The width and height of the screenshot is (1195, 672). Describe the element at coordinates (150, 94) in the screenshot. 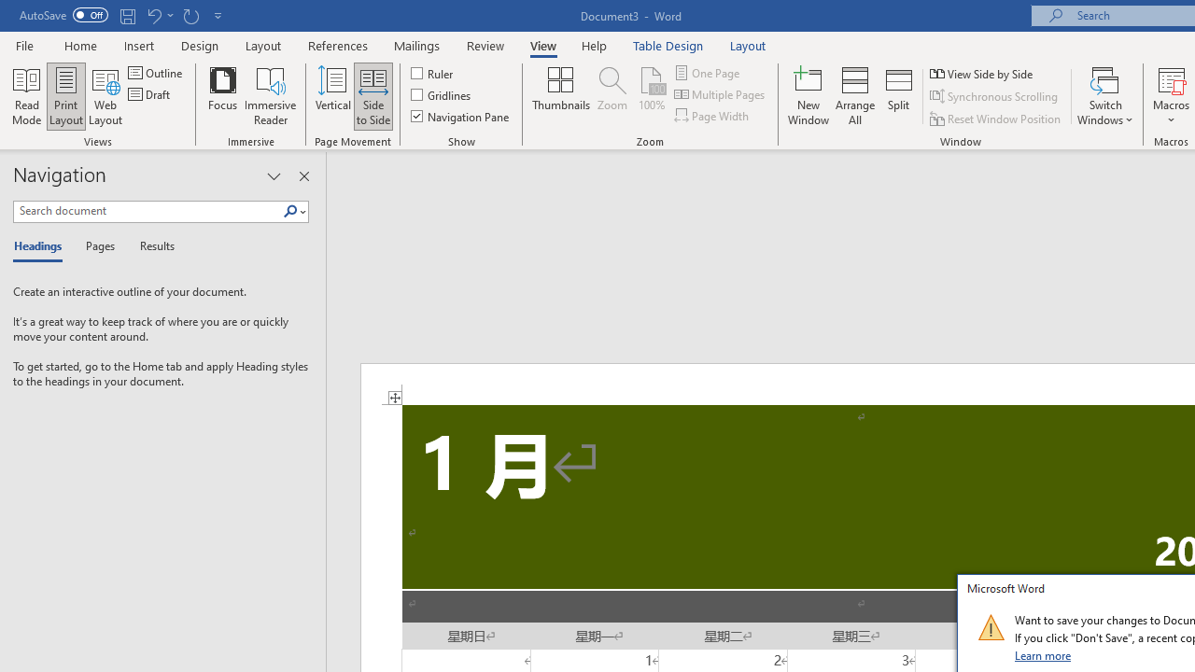

I see `'Draft'` at that location.